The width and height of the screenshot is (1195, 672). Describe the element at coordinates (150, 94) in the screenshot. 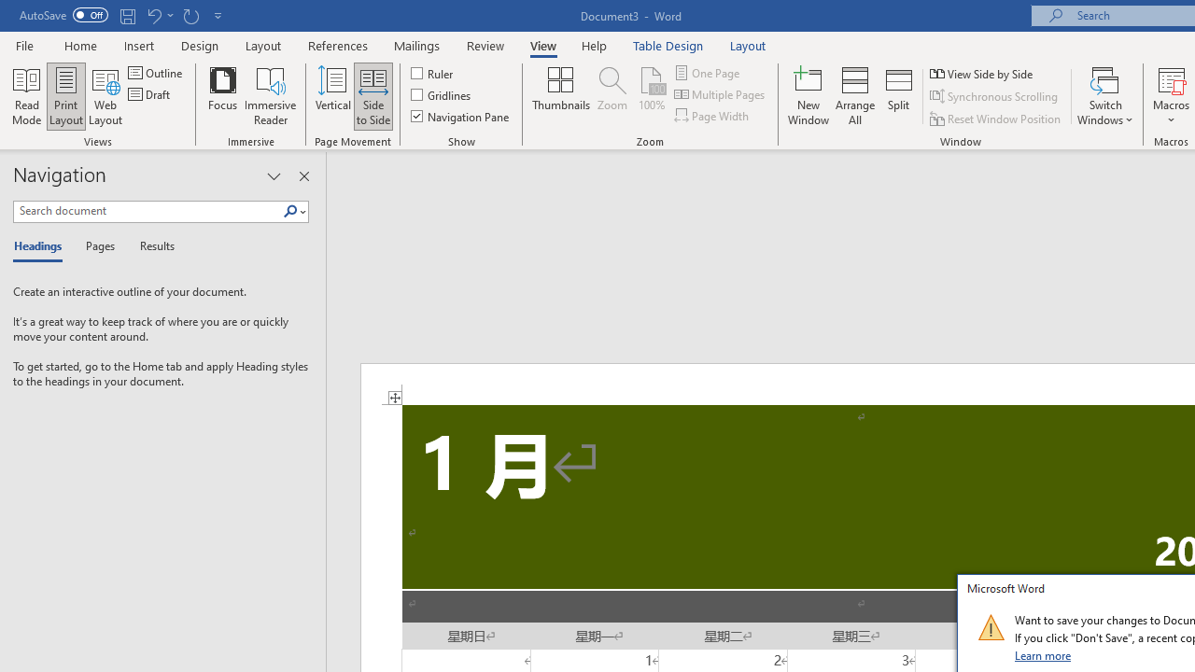

I see `'Draft'` at that location.